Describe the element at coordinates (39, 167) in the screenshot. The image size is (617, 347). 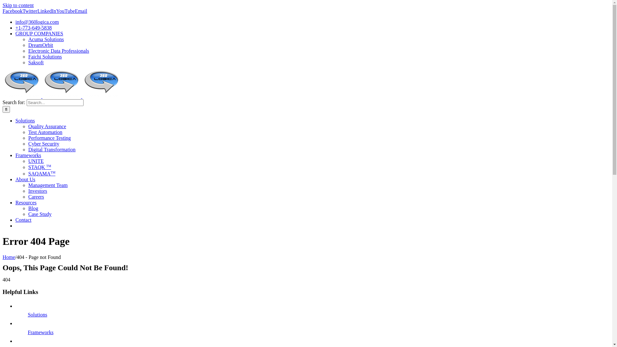
I see `'STAQK TM'` at that location.